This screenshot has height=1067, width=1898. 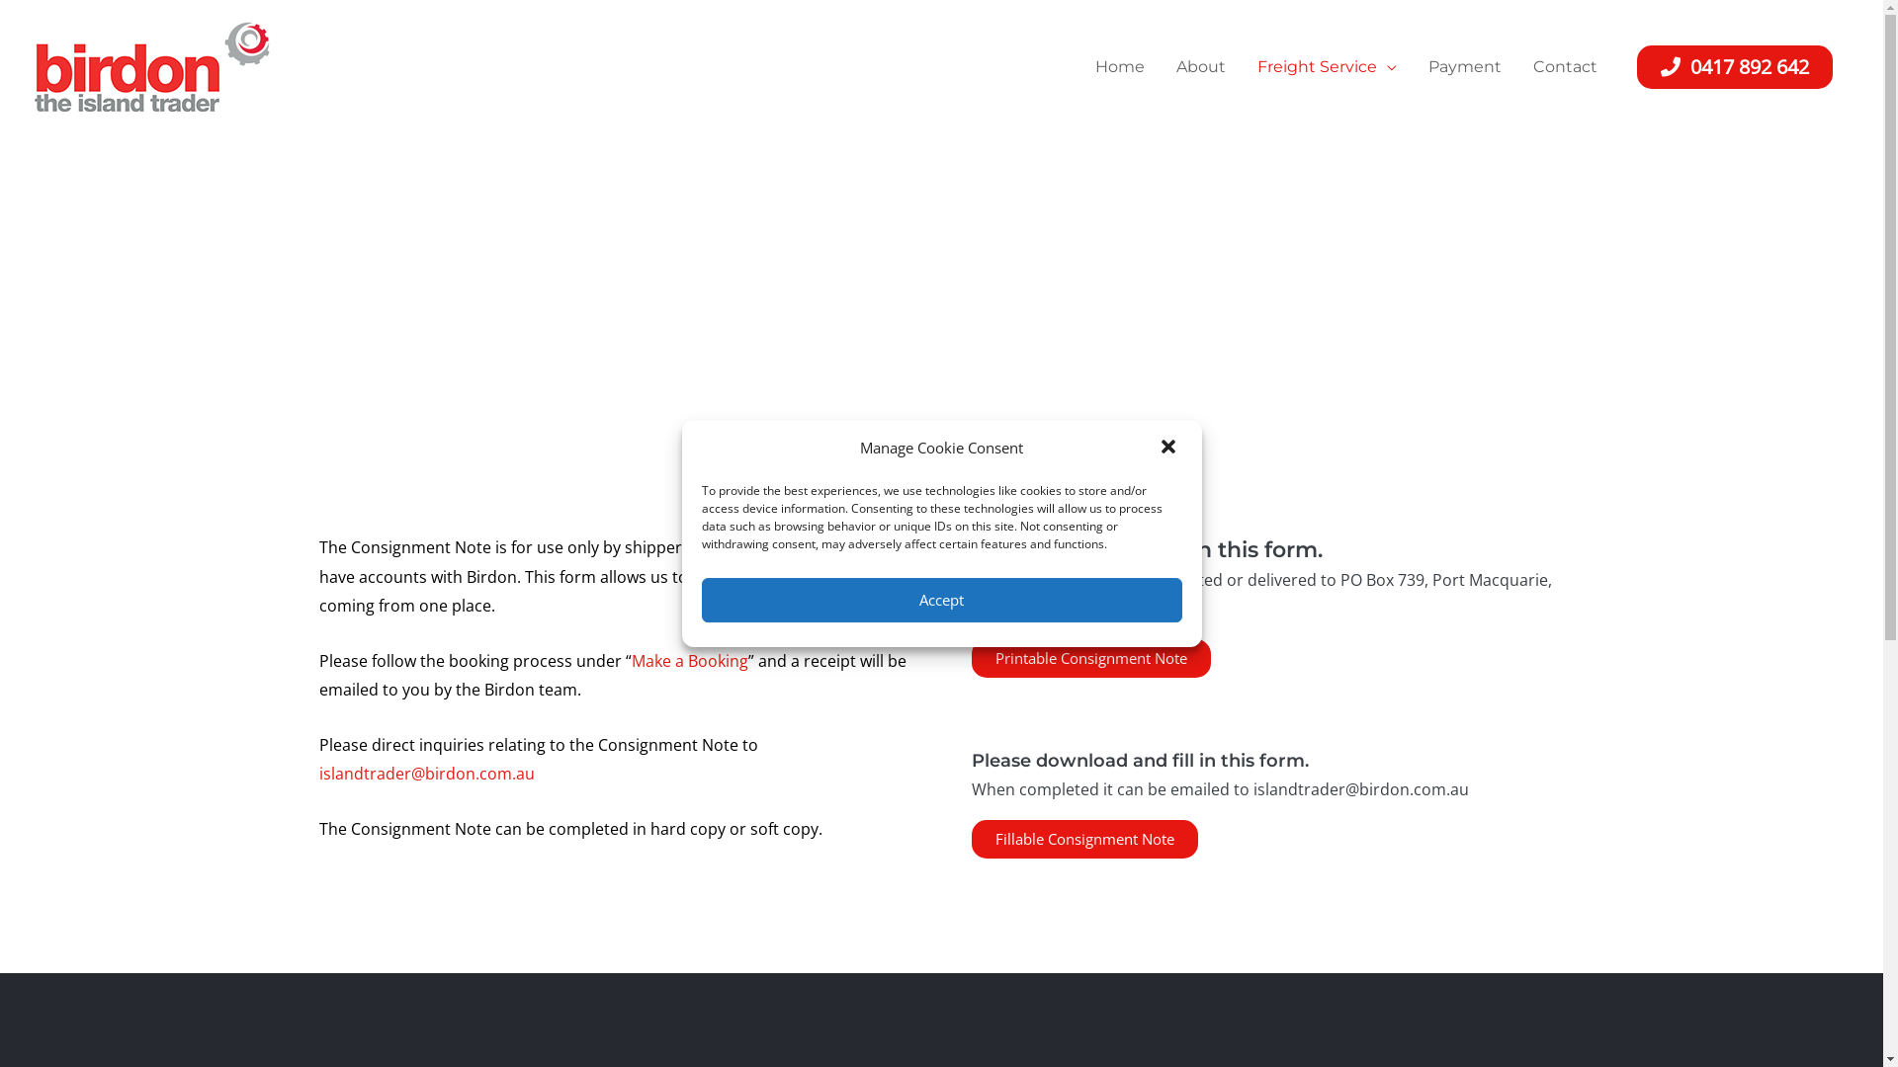 What do you see at coordinates (1241, 66) in the screenshot?
I see `'Freight Service'` at bounding box center [1241, 66].